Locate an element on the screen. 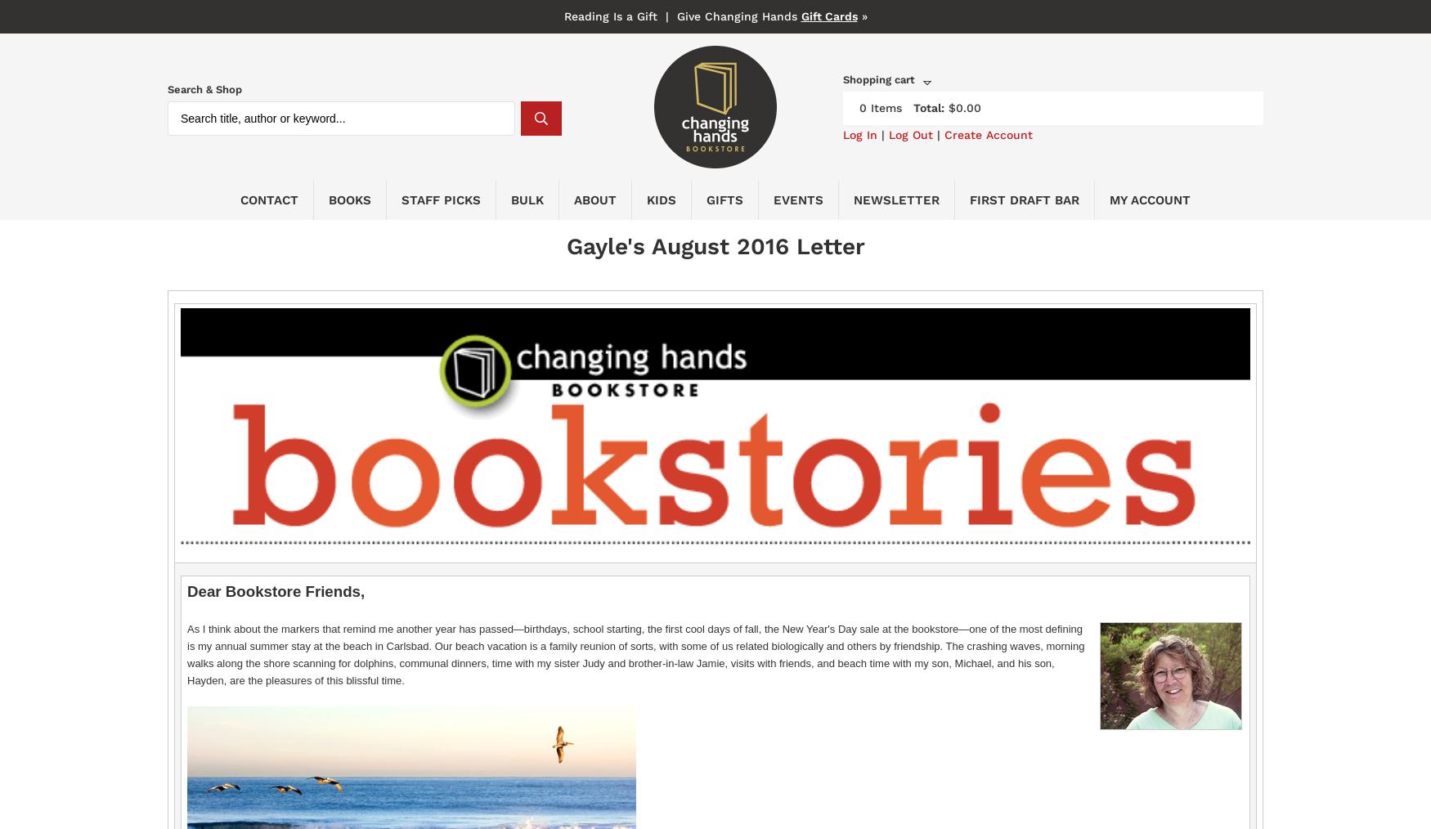 The width and height of the screenshot is (1431, 829). 'NEWSLETTER' is located at coordinates (896, 199).